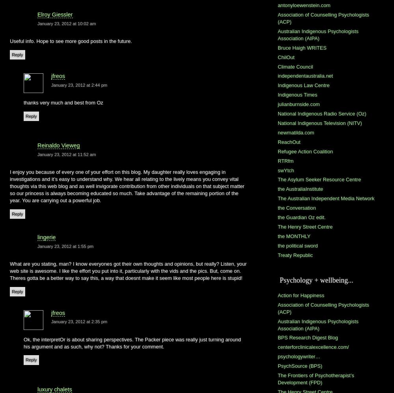 This screenshot has height=393, width=394. What do you see at coordinates (277, 85) in the screenshot?
I see `'Indigenous Law Centre'` at bounding box center [277, 85].